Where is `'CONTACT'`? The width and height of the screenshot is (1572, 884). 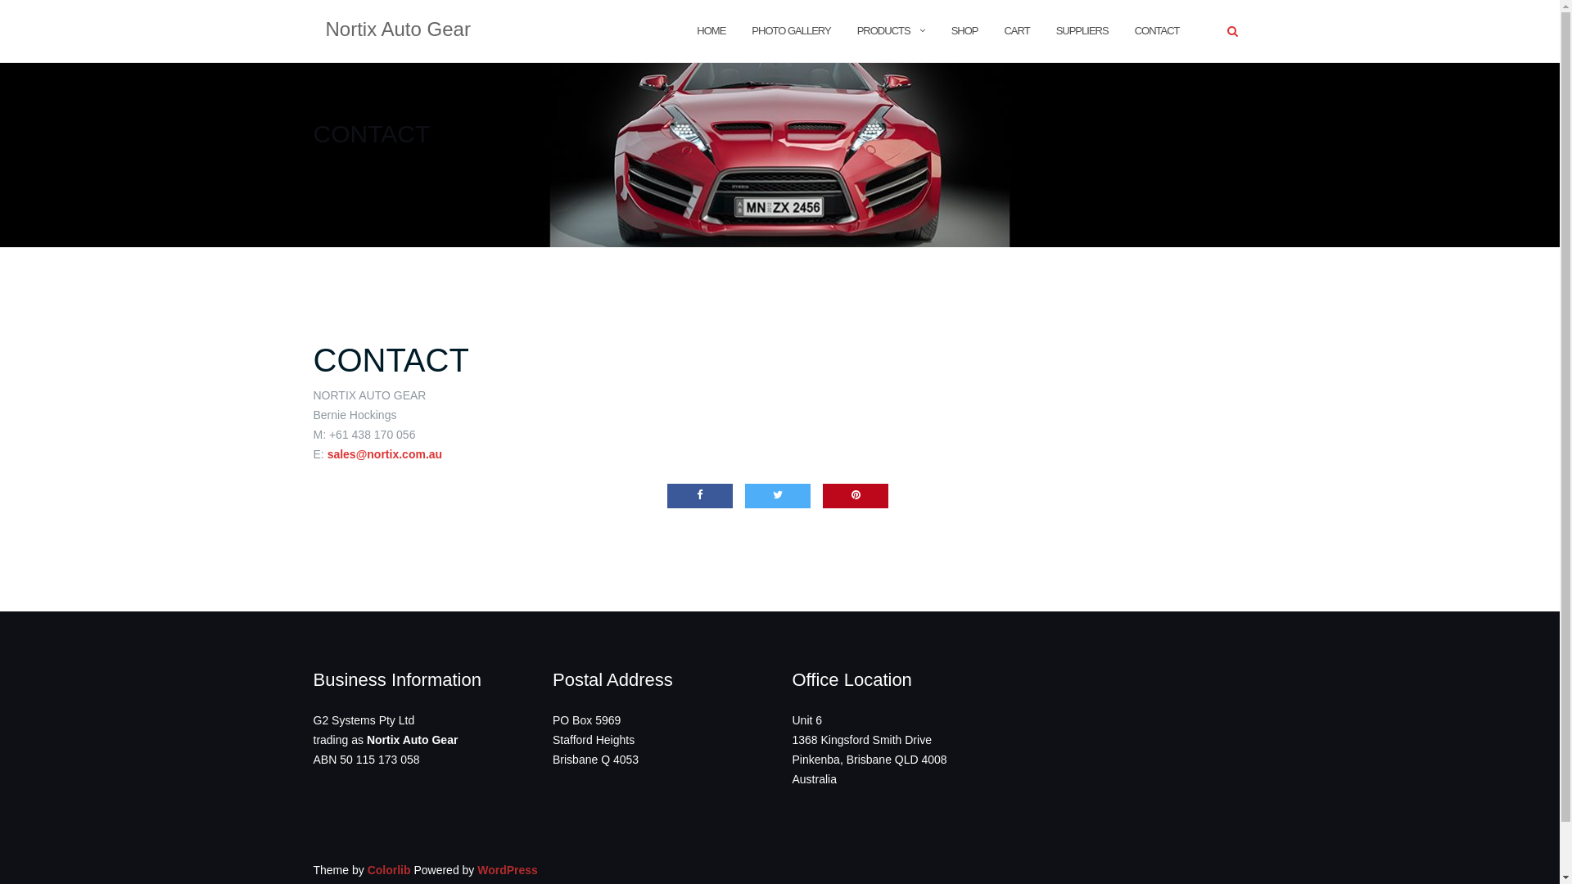
'CONTACT' is located at coordinates (1156, 30).